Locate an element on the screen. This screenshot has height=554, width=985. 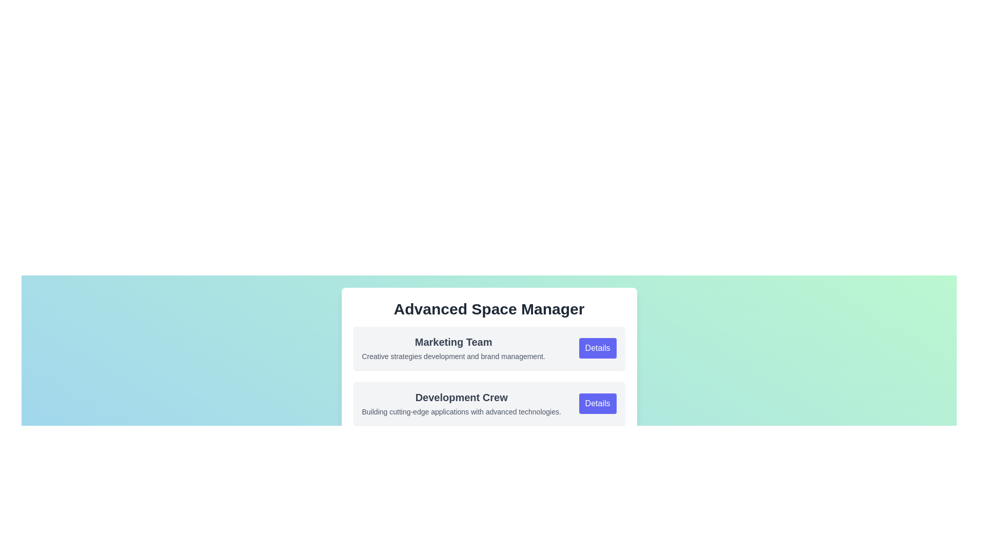
'Development Crew' section, which includes a title and a 'Details' button, to gather insights about the organization is located at coordinates (488, 379).